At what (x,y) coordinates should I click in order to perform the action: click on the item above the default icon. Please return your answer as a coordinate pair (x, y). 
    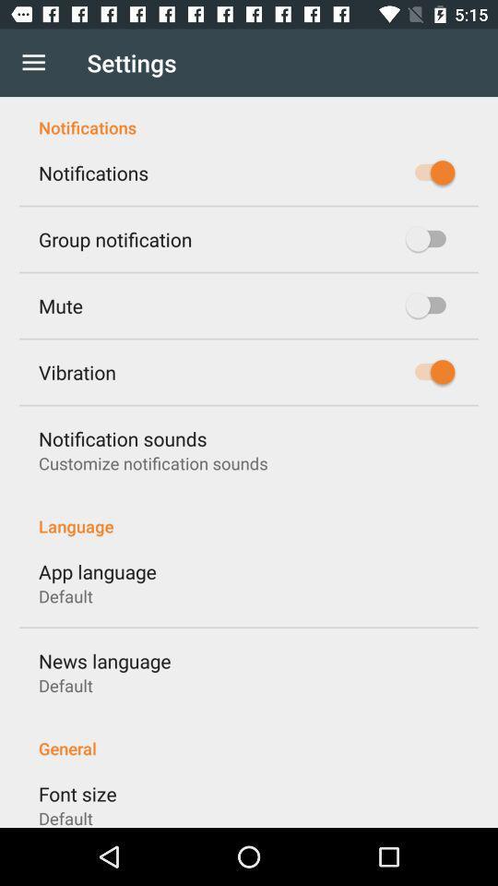
    Looking at the image, I should click on (77, 793).